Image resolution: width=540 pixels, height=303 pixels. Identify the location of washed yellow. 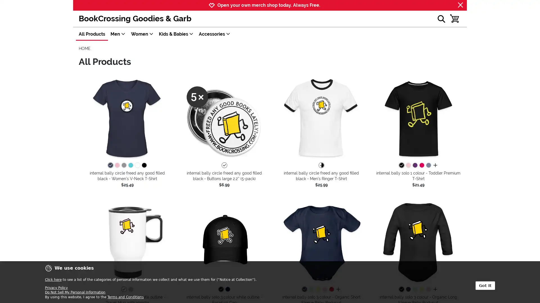
(318, 290).